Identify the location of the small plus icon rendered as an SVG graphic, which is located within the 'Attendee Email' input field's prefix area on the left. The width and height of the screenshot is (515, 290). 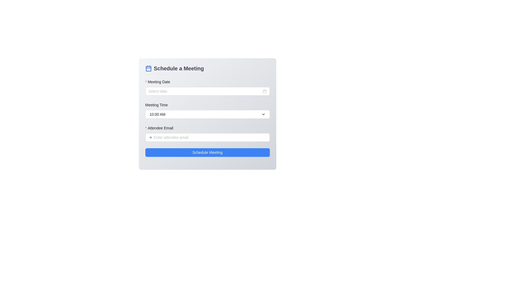
(150, 137).